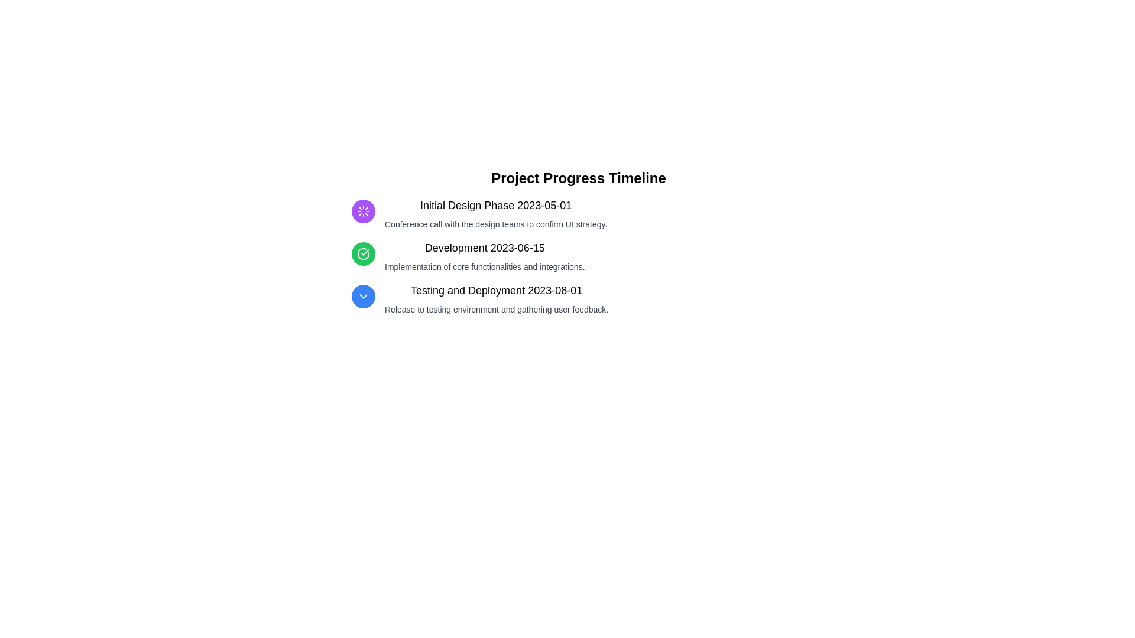  I want to click on the success icon located on the left side of the 'Development 2023-06-15' timeline segment, which indicates task completion, so click(362, 253).